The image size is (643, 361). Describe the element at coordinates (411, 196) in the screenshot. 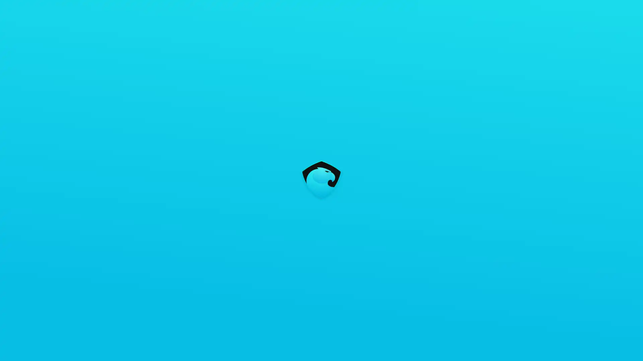

I see `Lightwave MEMBERSHIP` at that location.